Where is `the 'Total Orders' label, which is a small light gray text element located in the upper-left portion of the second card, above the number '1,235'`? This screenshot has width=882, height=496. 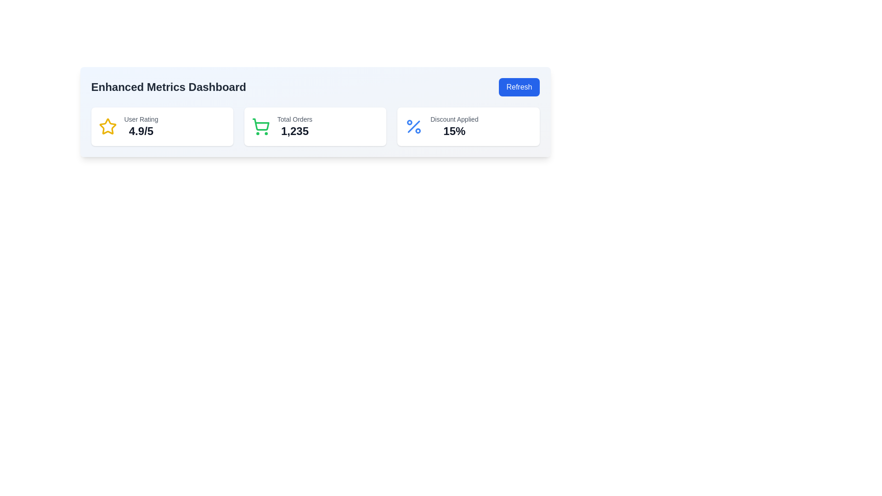 the 'Total Orders' label, which is a small light gray text element located in the upper-left portion of the second card, above the number '1,235' is located at coordinates (294, 118).